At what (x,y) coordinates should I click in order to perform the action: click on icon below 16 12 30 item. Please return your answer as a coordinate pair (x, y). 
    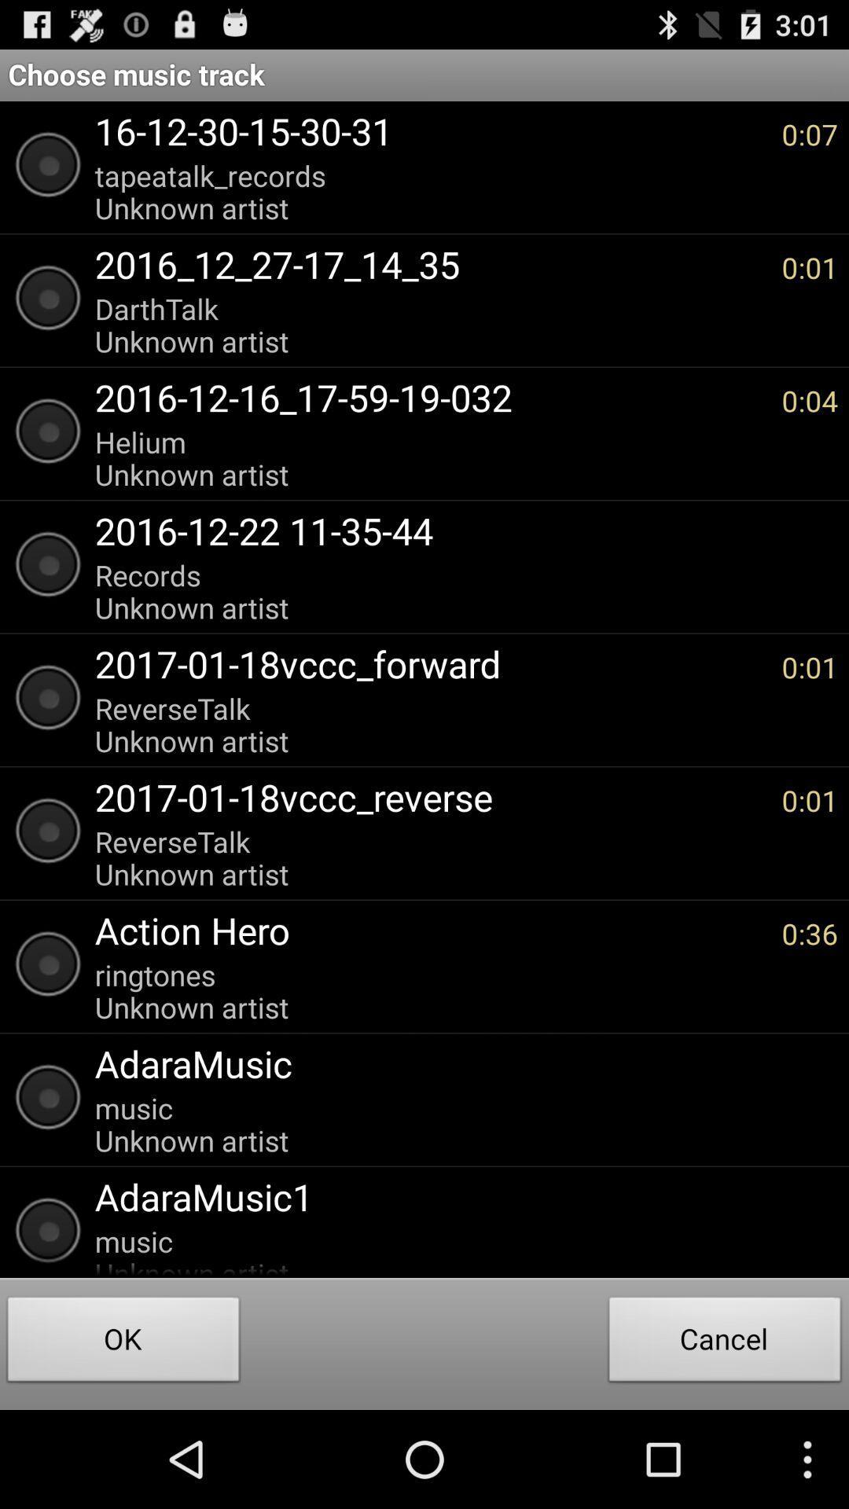
    Looking at the image, I should click on (430, 191).